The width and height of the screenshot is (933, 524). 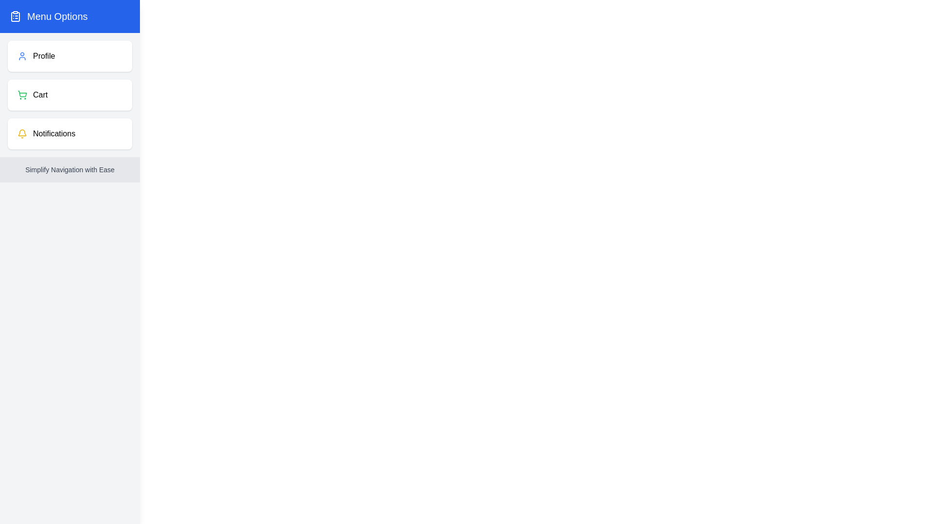 I want to click on the message 'Simplify Navigation with Ease' displayed at the bottom of the drawer, so click(x=69, y=169).